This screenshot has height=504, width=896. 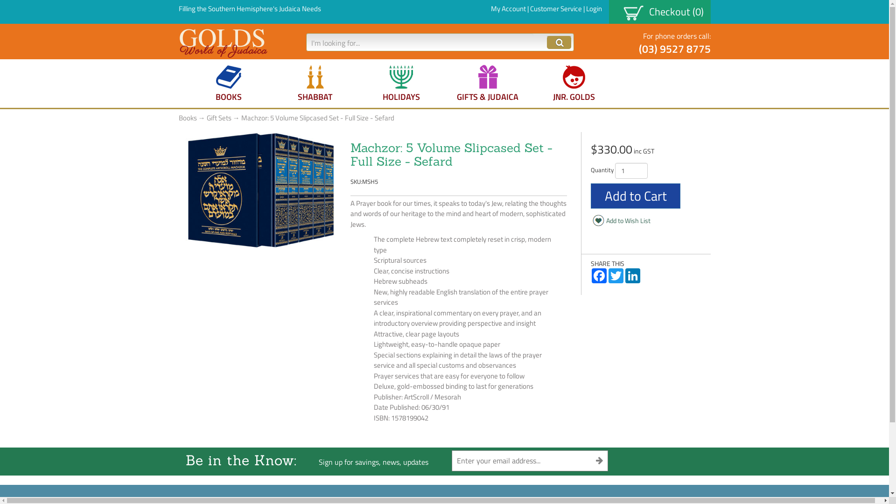 What do you see at coordinates (556, 8) in the screenshot?
I see `'Customer Service'` at bounding box center [556, 8].